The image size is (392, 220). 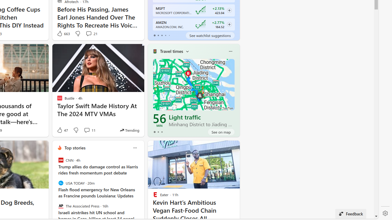 What do you see at coordinates (193, 24) in the screenshot?
I see `'AMZN AMAZON.COM, INC. ‎+2.77%‎ 184.52'` at bounding box center [193, 24].